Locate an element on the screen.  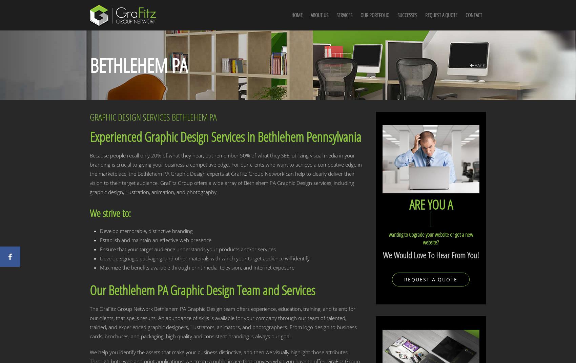
'wanting to upgrade your website or get a new website?' is located at coordinates (430, 238).